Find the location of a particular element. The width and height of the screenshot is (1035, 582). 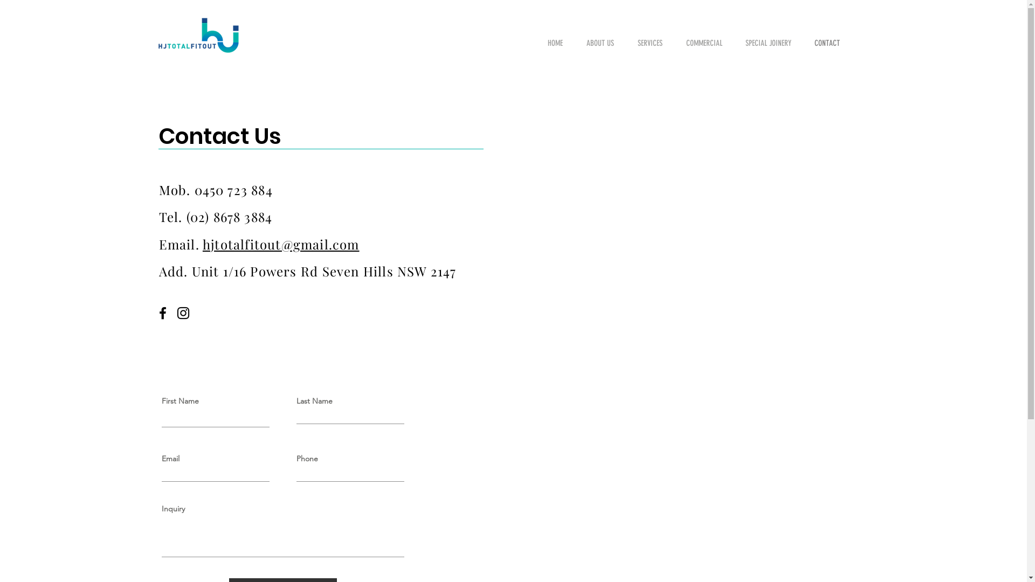

'CONTACT' is located at coordinates (806, 43).